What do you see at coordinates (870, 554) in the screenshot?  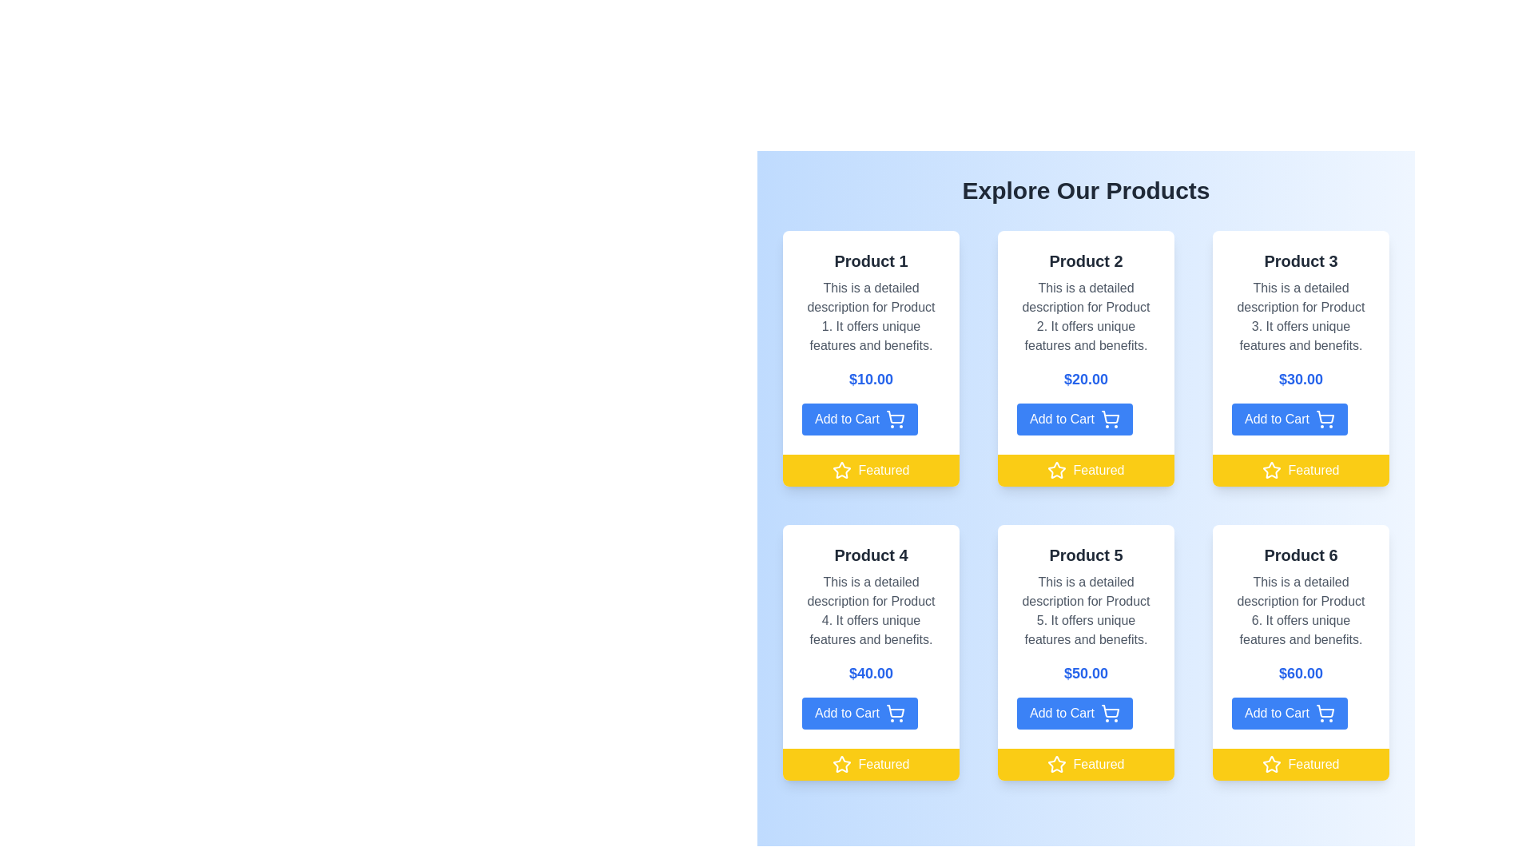 I see `the text label that identifies the product as 'Product 4', located at the top of the product card in a 3x2 grid layout` at bounding box center [870, 554].